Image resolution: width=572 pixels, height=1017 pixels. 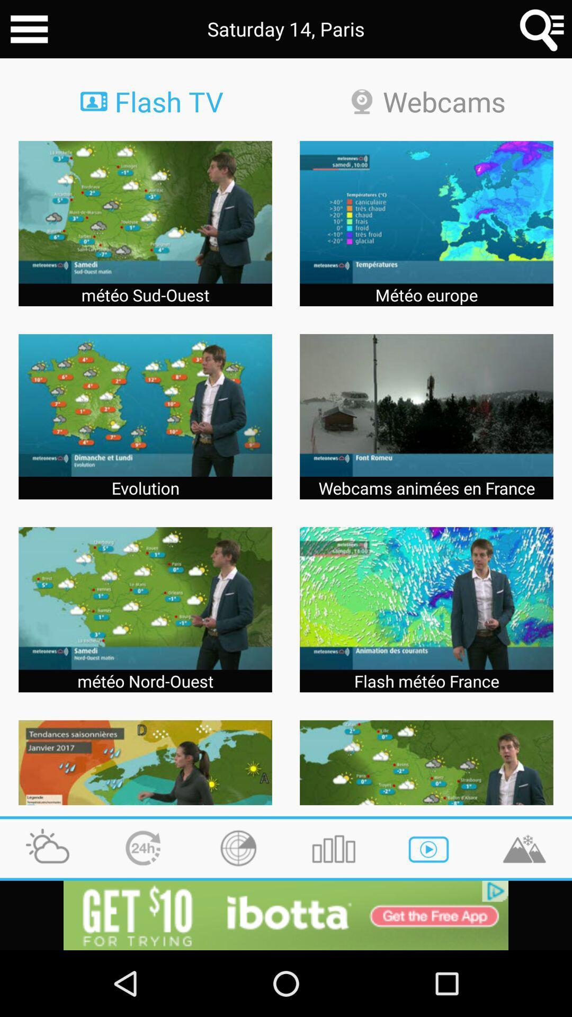 I want to click on search, so click(x=542, y=29).